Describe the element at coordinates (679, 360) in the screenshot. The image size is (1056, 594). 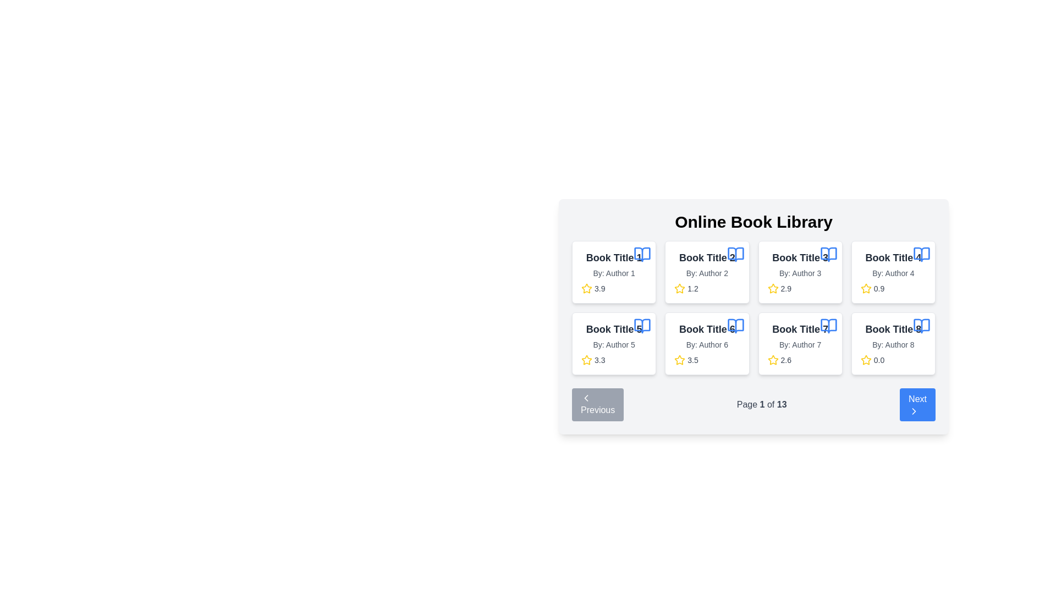
I see `the bright yellow star icon with a hollow center located next` at that location.